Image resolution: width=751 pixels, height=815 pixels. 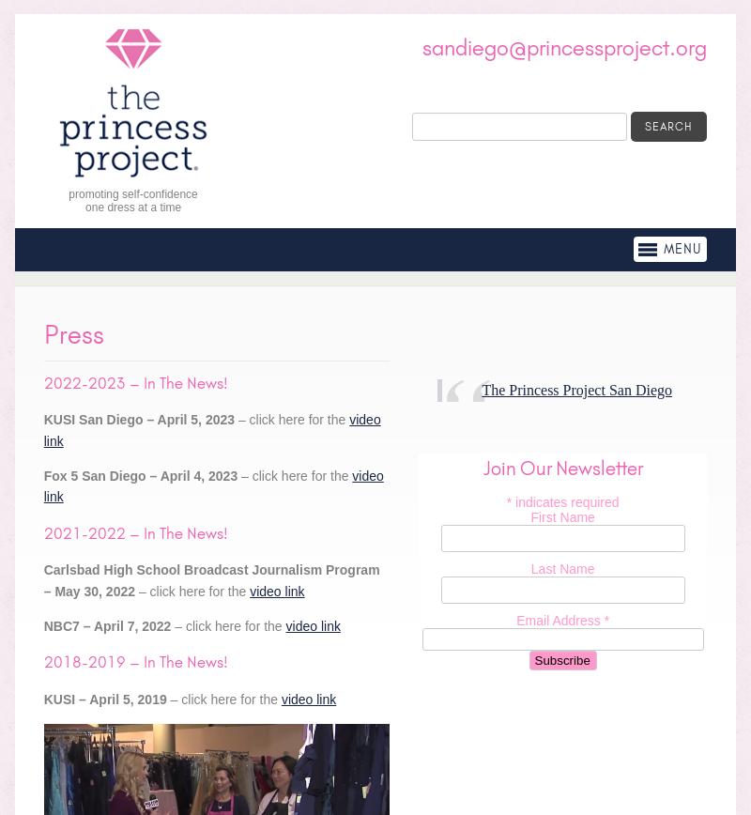 I want to click on 'Search', so click(x=667, y=126).